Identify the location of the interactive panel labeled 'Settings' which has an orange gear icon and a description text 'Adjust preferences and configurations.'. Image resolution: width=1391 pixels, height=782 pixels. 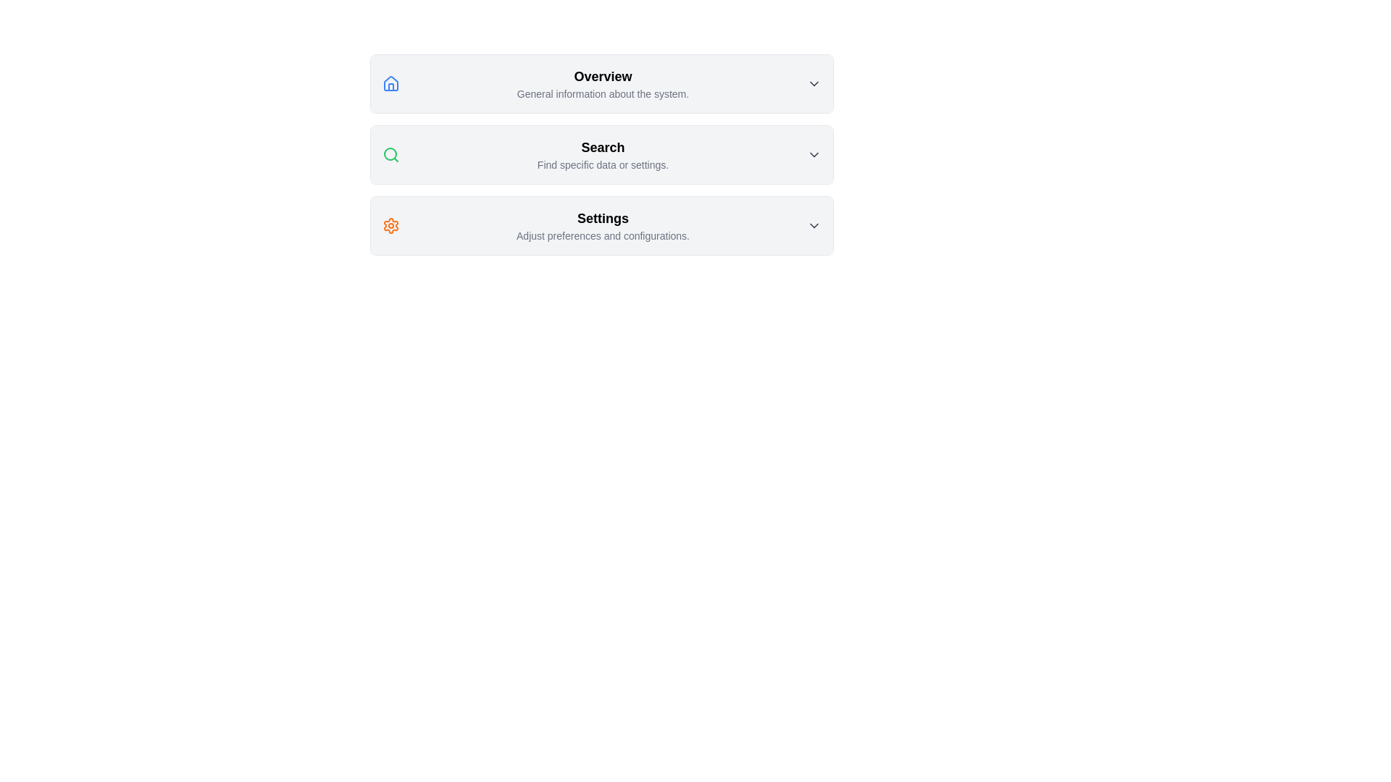
(601, 226).